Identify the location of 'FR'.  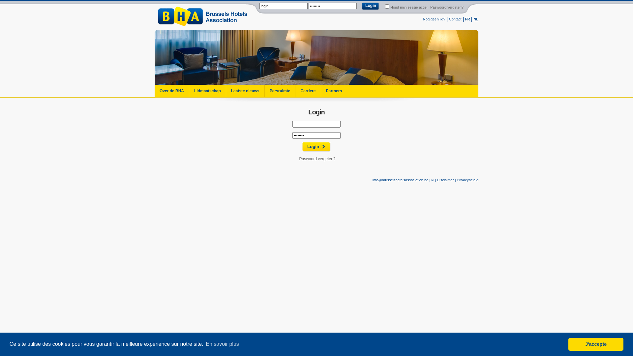
(467, 18).